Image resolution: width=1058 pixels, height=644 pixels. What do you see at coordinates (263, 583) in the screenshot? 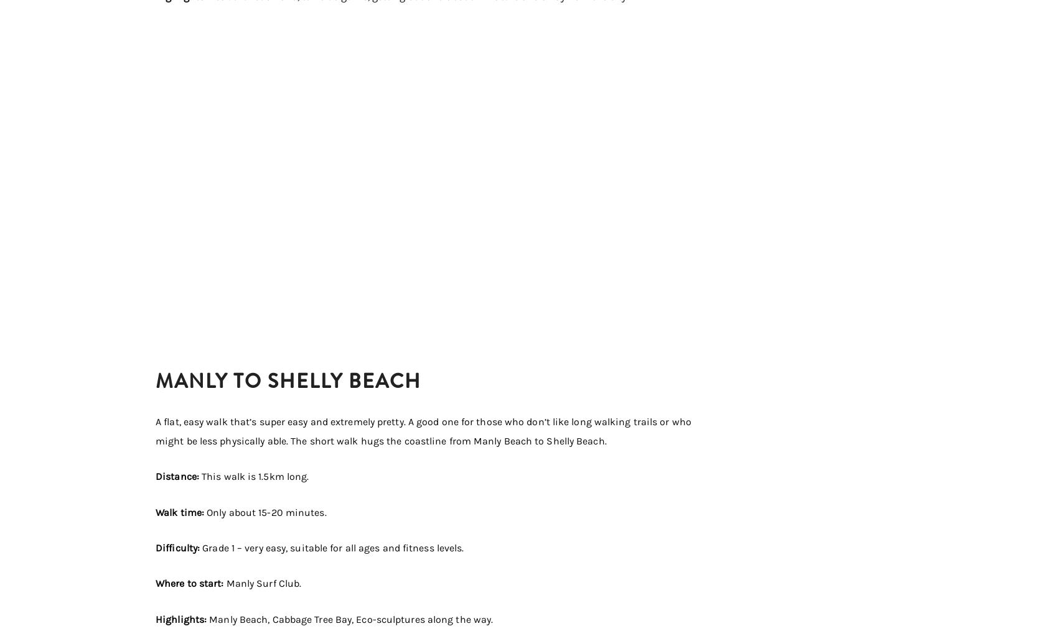
I see `'Manly Surf Club.'` at bounding box center [263, 583].